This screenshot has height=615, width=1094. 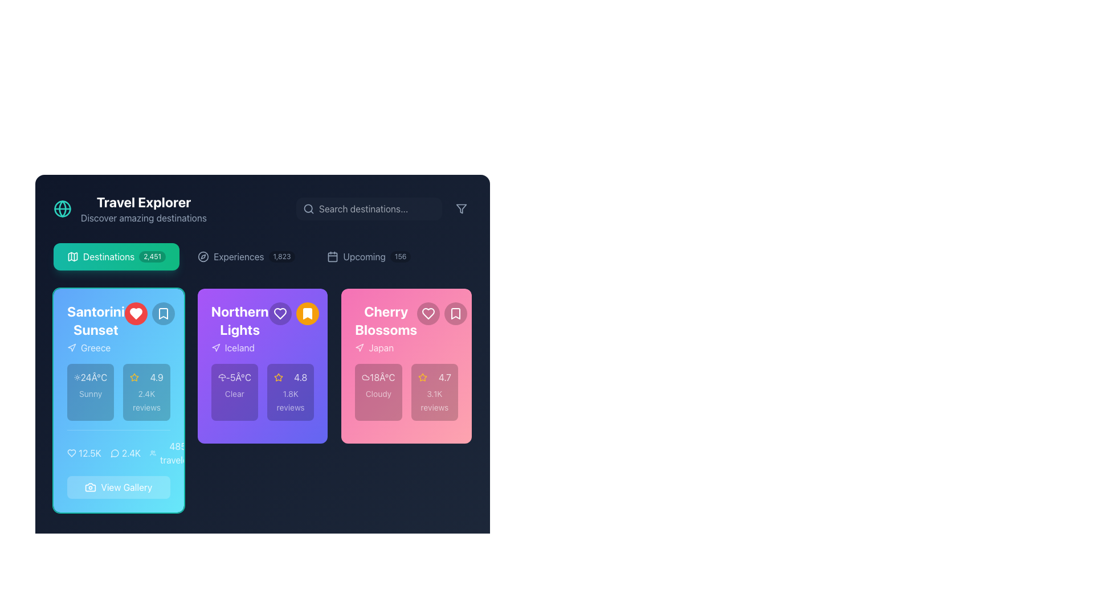 I want to click on the 'View Gallery' button located at the bottom center of the 'Santorini Sunset' card, so click(x=119, y=464).